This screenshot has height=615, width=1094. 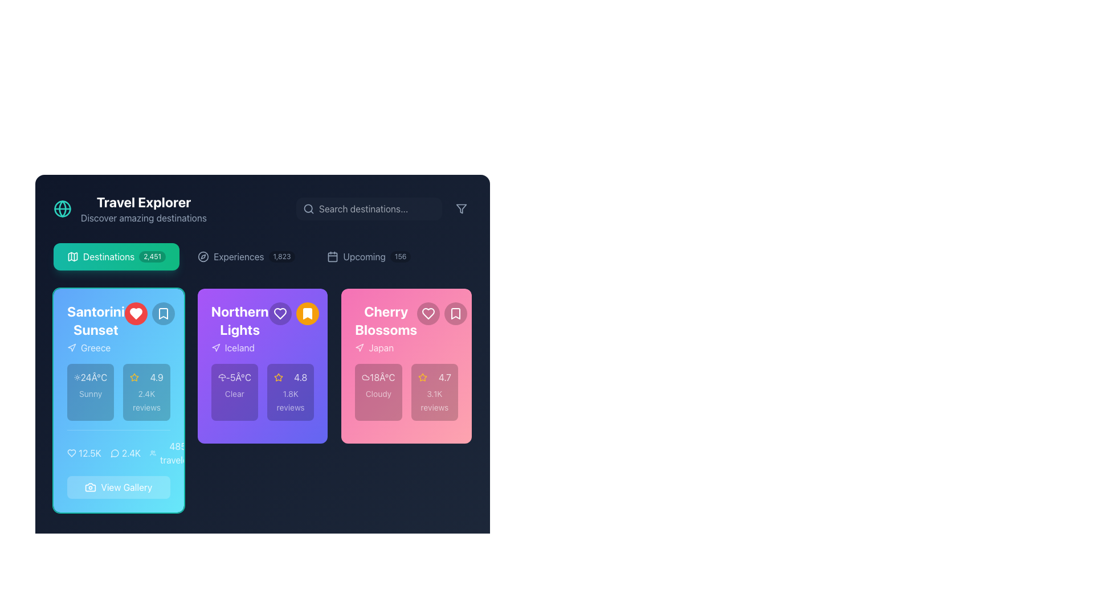 I want to click on the 'View Gallery' button located at the bottom center of the 'Santorini Sunset' card, so click(x=119, y=464).